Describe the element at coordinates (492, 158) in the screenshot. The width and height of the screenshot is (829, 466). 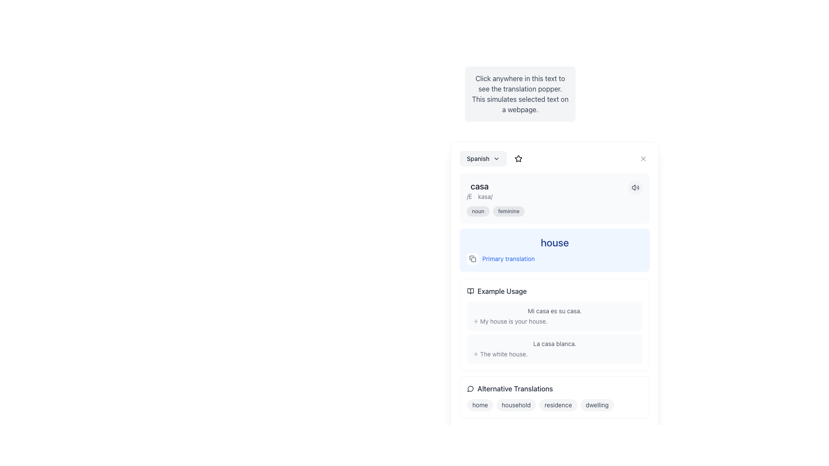
I see `the language selector text label accompanied by a chevron icon to potentially reveal tooltip information` at that location.